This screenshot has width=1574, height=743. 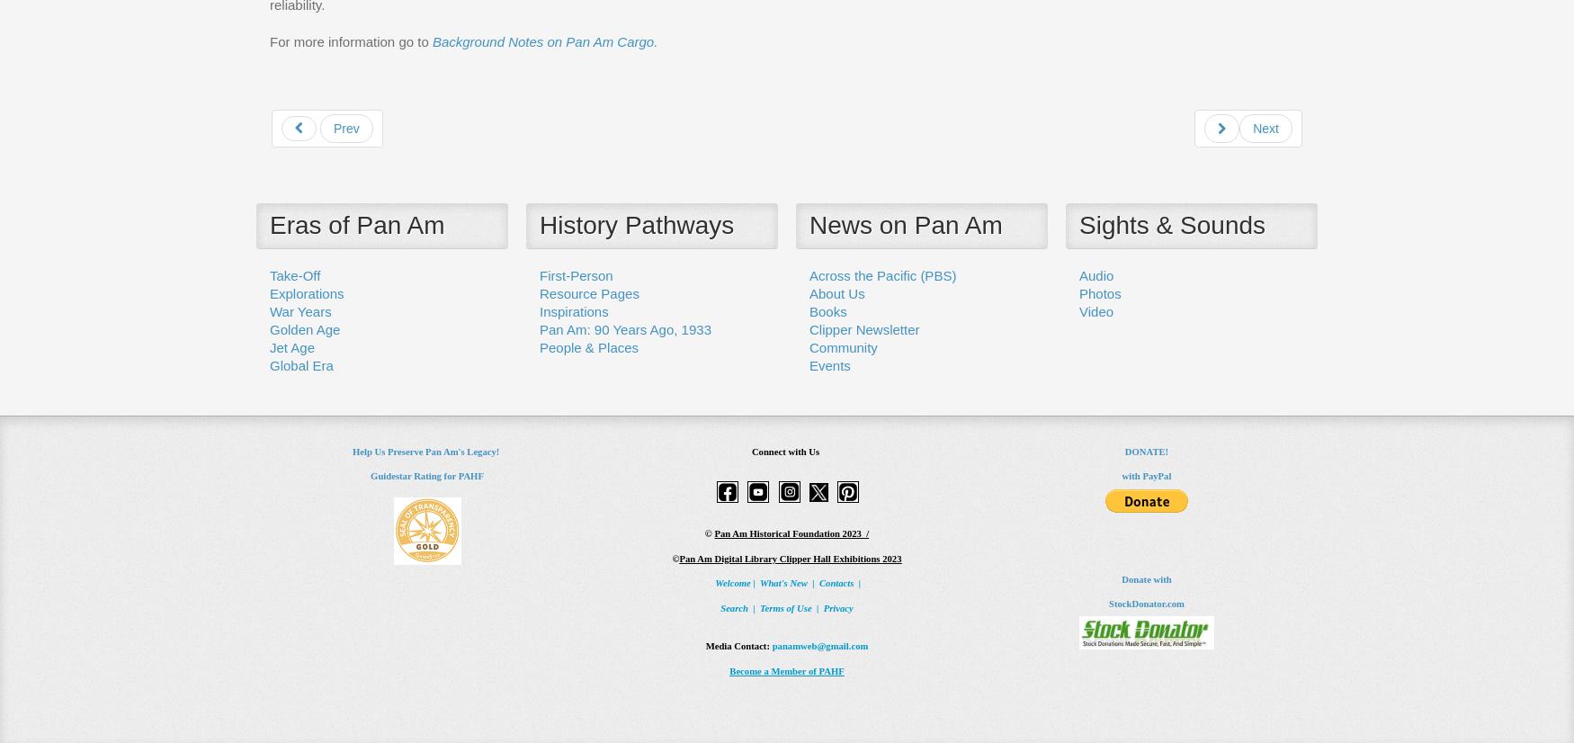 What do you see at coordinates (809, 309) in the screenshot?
I see `'Books'` at bounding box center [809, 309].